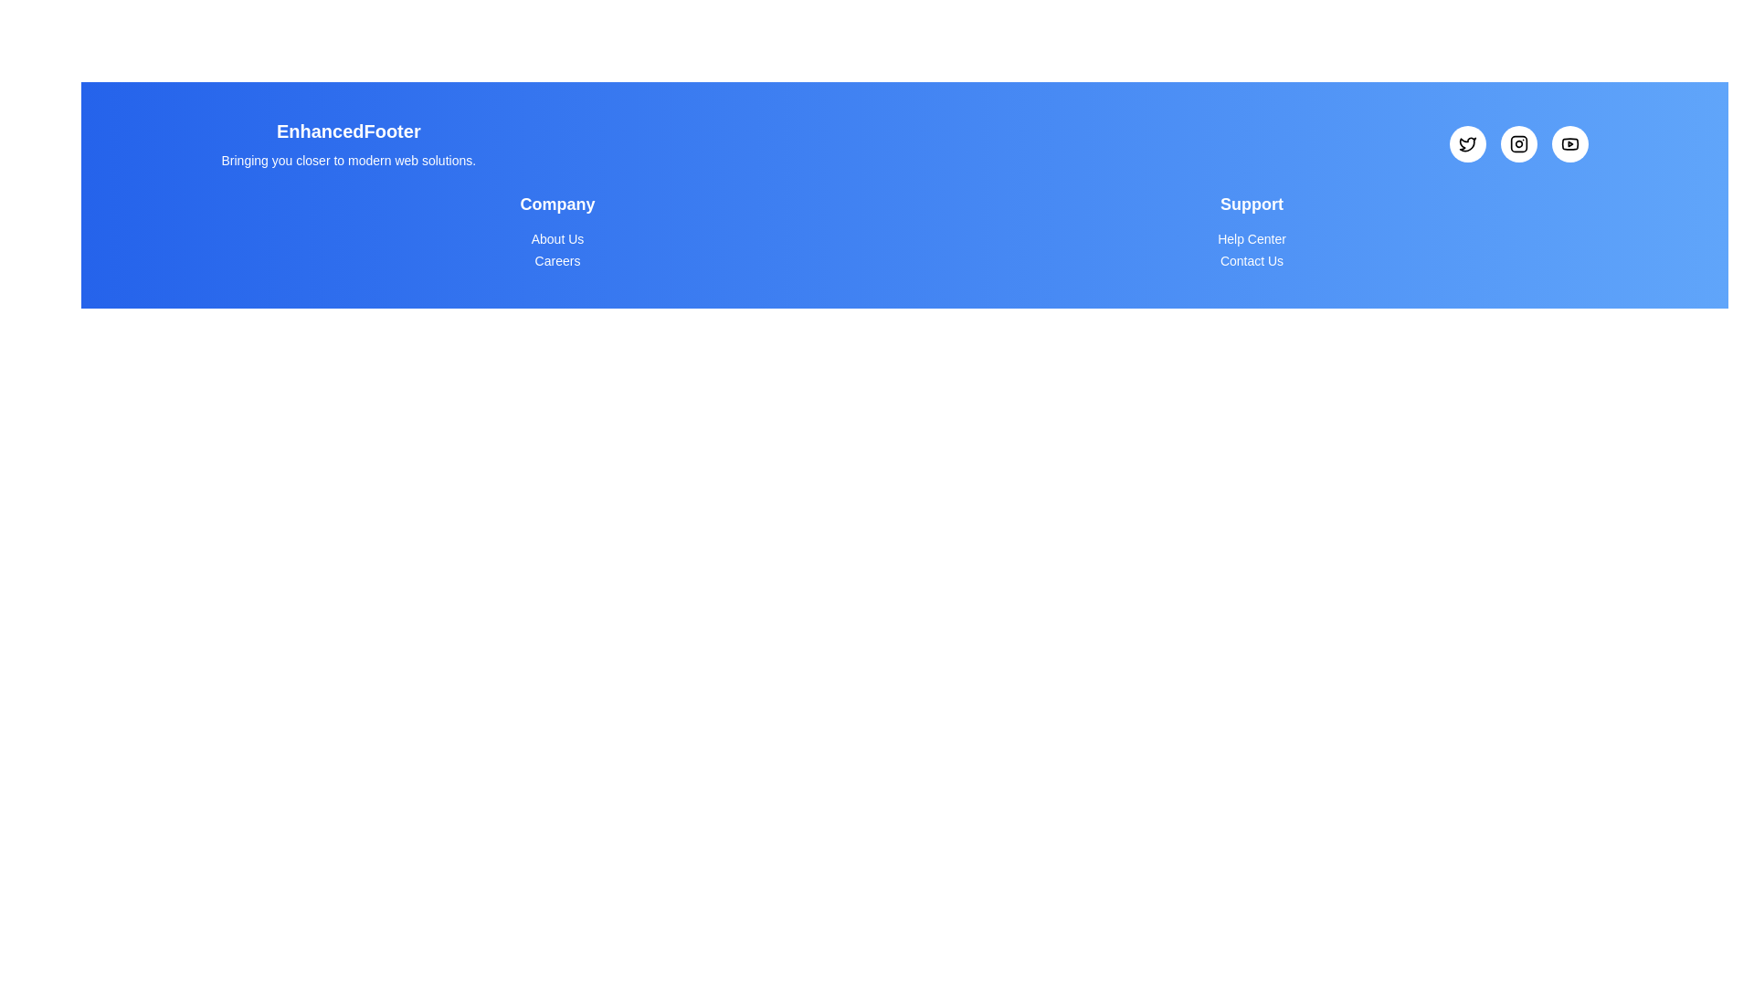 The height and width of the screenshot is (986, 1754). Describe the element at coordinates (1251, 260) in the screenshot. I see `the 'Contact Us' hyperlink located under the 'Support' heading, below the 'Help Center' link` at that location.